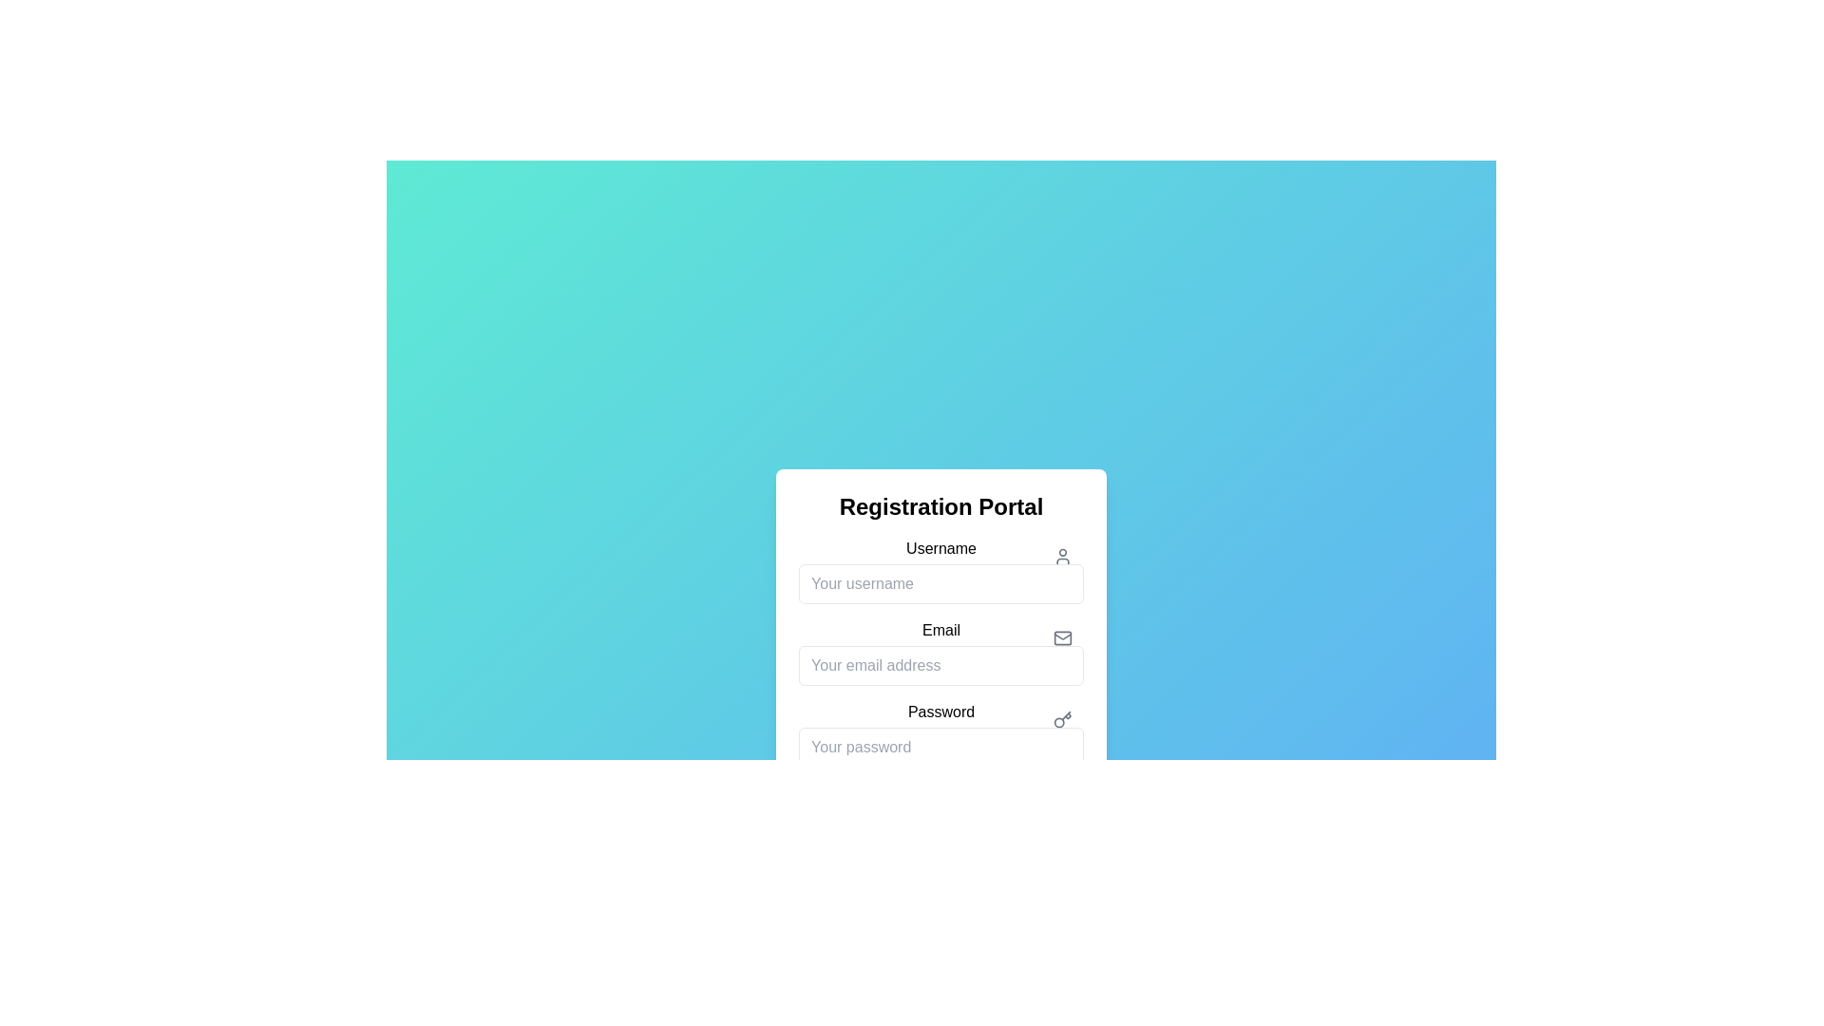 This screenshot has width=1824, height=1026. What do you see at coordinates (1061, 637) in the screenshot?
I see `the Email Icon located to the right of the Email input field in the Registration Portal form` at bounding box center [1061, 637].